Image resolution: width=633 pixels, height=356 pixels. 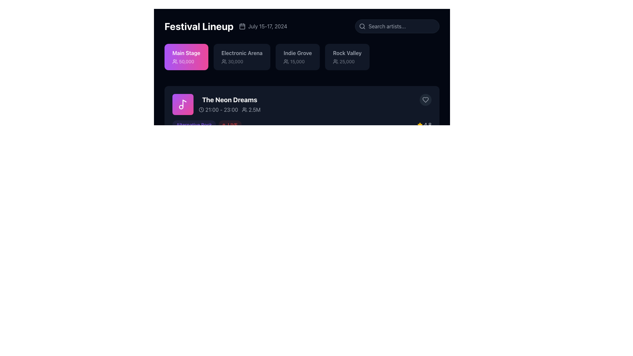 What do you see at coordinates (242, 61) in the screenshot?
I see `the Text Label with Icon indicating the capacity of the 'Electronic Arena', which shows '30,000'` at bounding box center [242, 61].